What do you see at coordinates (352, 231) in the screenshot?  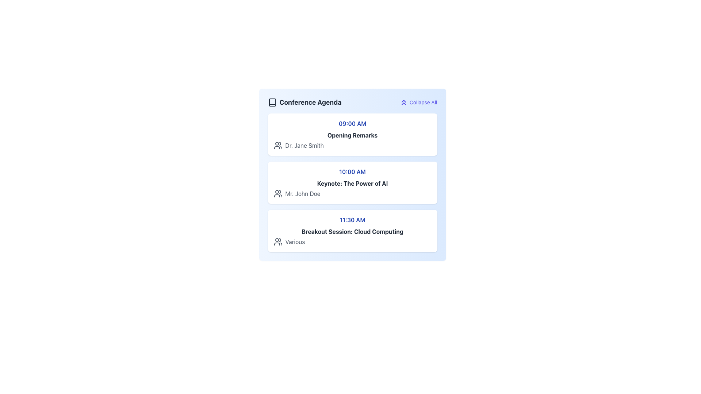 I see `the static informational block displaying the event detail 'Breakout Session: Cloud Computing'` at bounding box center [352, 231].